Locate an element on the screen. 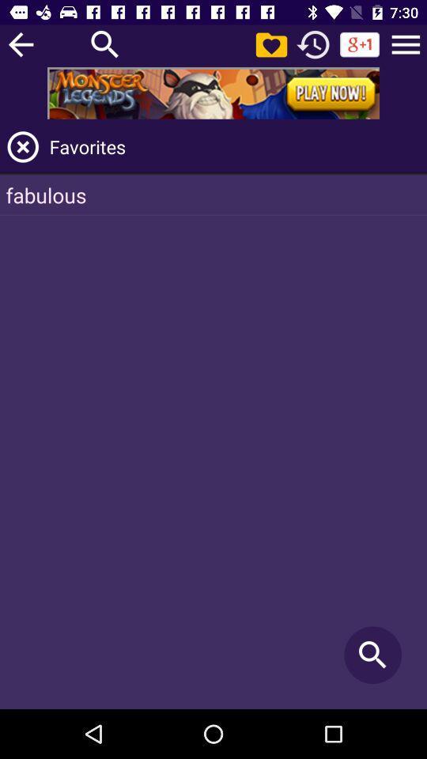 The height and width of the screenshot is (759, 427). see the menu is located at coordinates (406, 43).